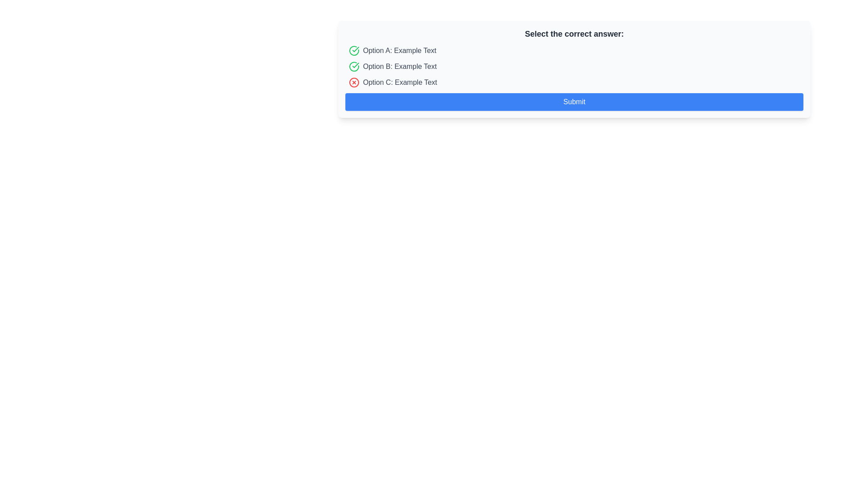 The image size is (848, 477). What do you see at coordinates (354, 51) in the screenshot?
I see `the circular border of the green check mark icon located above the text 'Option B: Example Text'` at bounding box center [354, 51].